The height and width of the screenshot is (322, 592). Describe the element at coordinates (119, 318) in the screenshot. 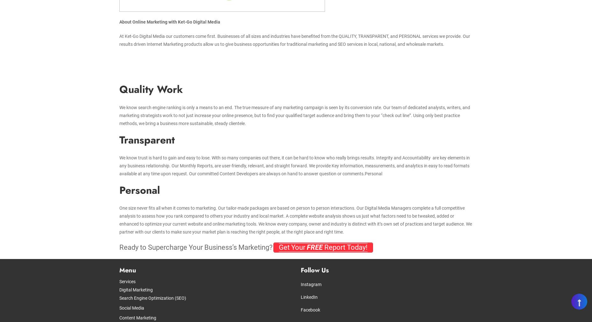

I see `'Content Marketing'` at that location.